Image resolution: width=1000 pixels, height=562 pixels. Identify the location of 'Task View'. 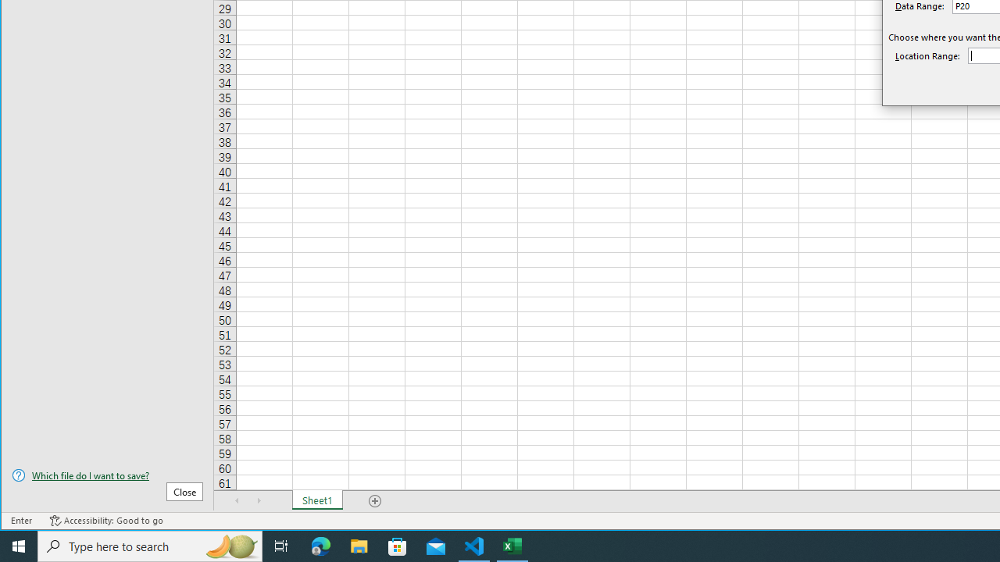
(280, 545).